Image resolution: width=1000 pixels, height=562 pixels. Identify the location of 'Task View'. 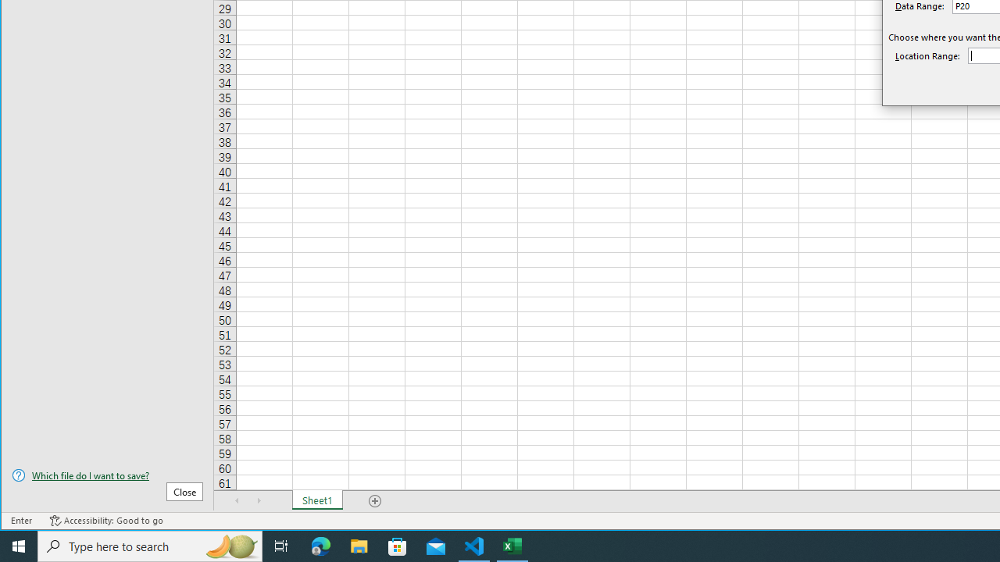
(280, 545).